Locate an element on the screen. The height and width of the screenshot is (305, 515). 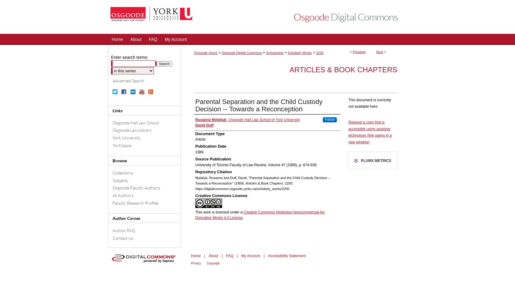
'Subjects' is located at coordinates (120, 180).